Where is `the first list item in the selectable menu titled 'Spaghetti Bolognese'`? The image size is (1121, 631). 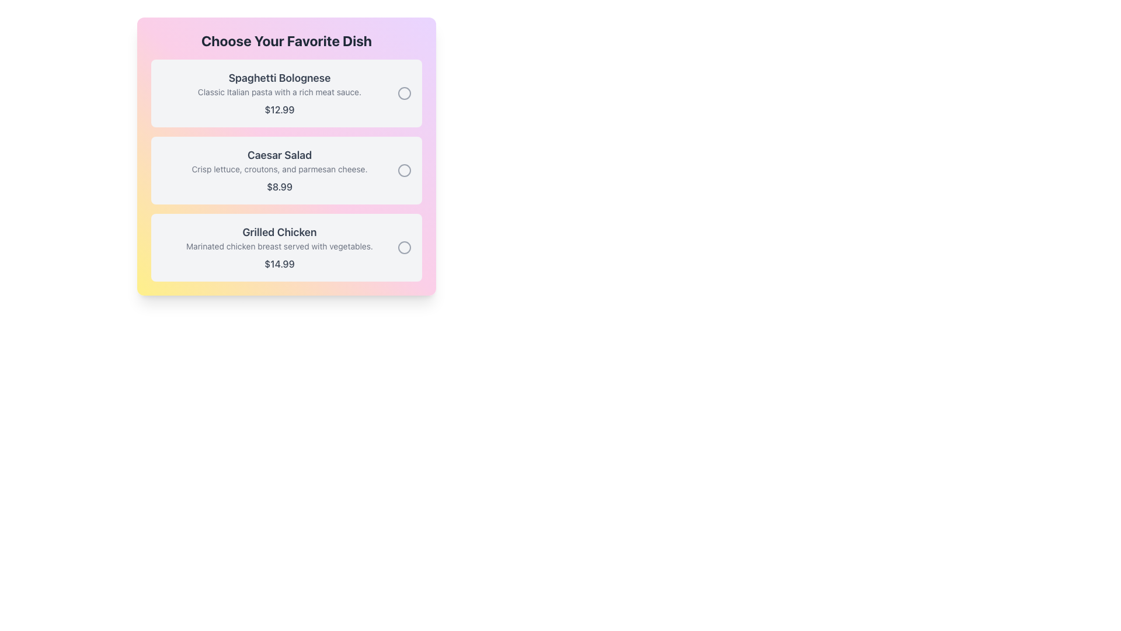 the first list item in the selectable menu titled 'Spaghetti Bolognese' is located at coordinates (279, 92).